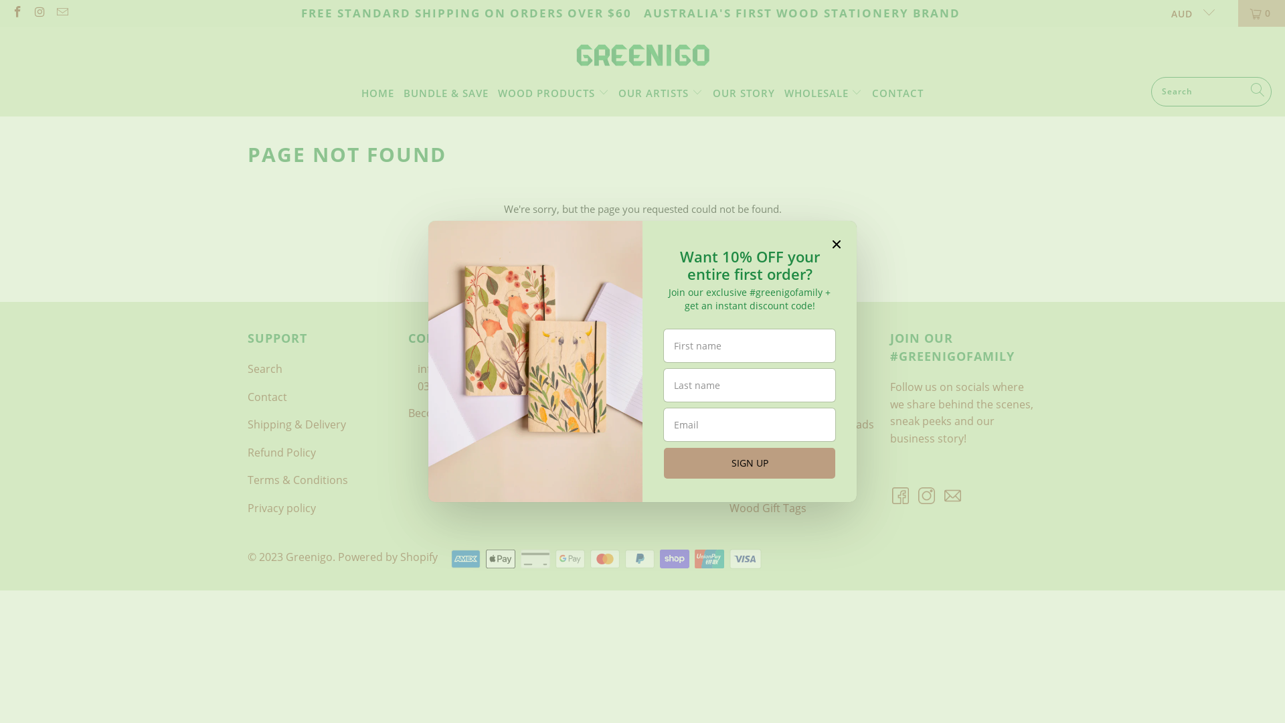 The height and width of the screenshot is (723, 1285). I want to click on 'BUNDLE & SAVE', so click(446, 92).